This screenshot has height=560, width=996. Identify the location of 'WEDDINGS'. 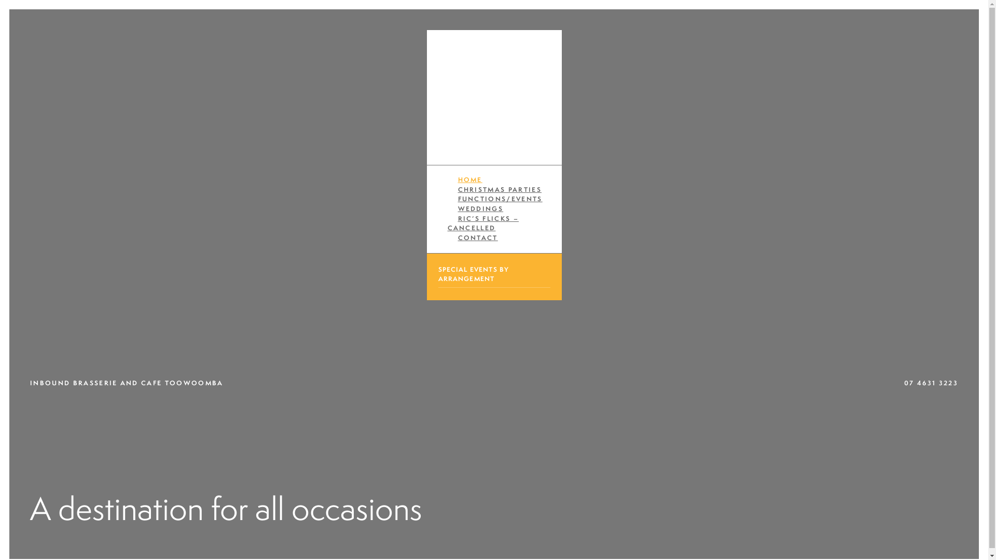
(480, 208).